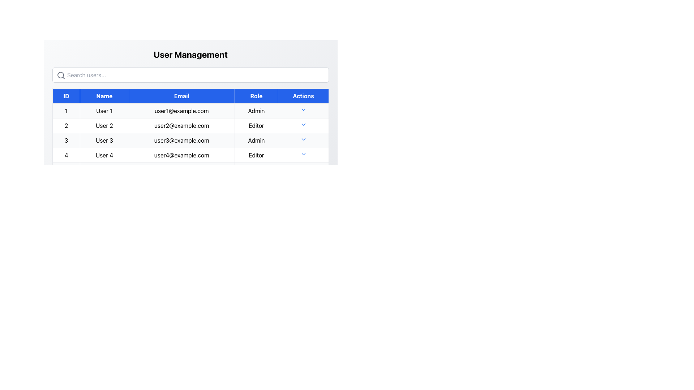 Image resolution: width=694 pixels, height=390 pixels. I want to click on to select or highlight the email address displayed for 'User 2' in the third column labeled 'Email' of the table, so click(181, 125).